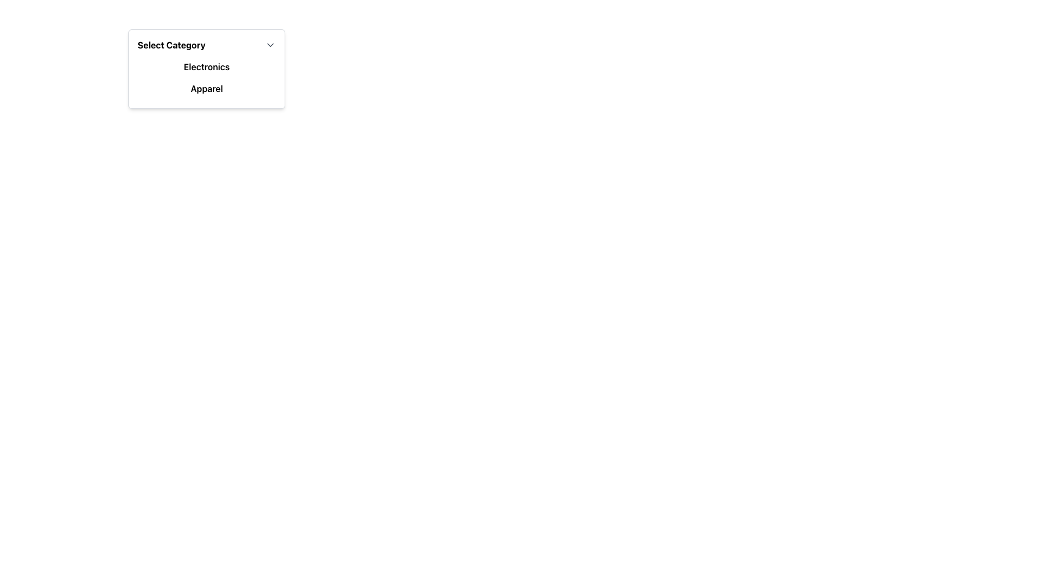 This screenshot has height=588, width=1045. Describe the element at coordinates (206, 88) in the screenshot. I see `the 'Apparel' option in the dropdown menu` at that location.